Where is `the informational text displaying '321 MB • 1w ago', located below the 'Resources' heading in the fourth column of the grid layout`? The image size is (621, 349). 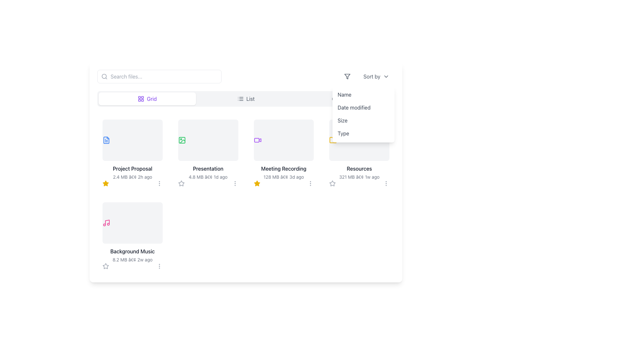
the informational text displaying '321 MB • 1w ago', located below the 'Resources' heading in the fourth column of the grid layout is located at coordinates (359, 177).